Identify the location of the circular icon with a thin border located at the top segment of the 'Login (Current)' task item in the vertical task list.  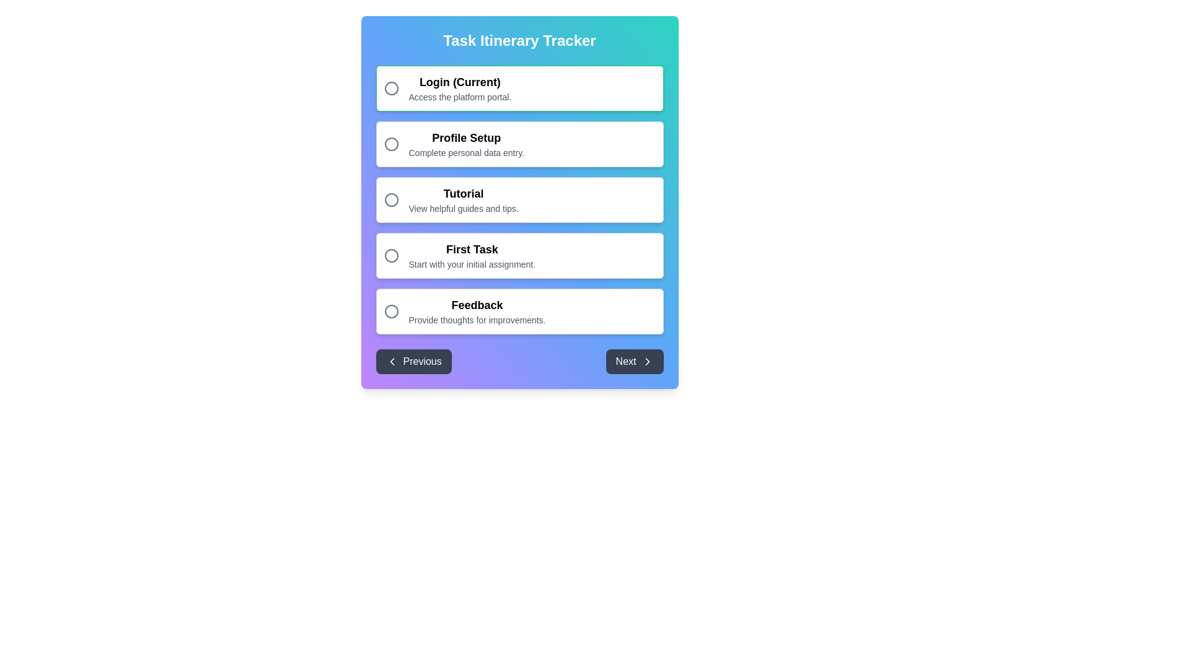
(390, 87).